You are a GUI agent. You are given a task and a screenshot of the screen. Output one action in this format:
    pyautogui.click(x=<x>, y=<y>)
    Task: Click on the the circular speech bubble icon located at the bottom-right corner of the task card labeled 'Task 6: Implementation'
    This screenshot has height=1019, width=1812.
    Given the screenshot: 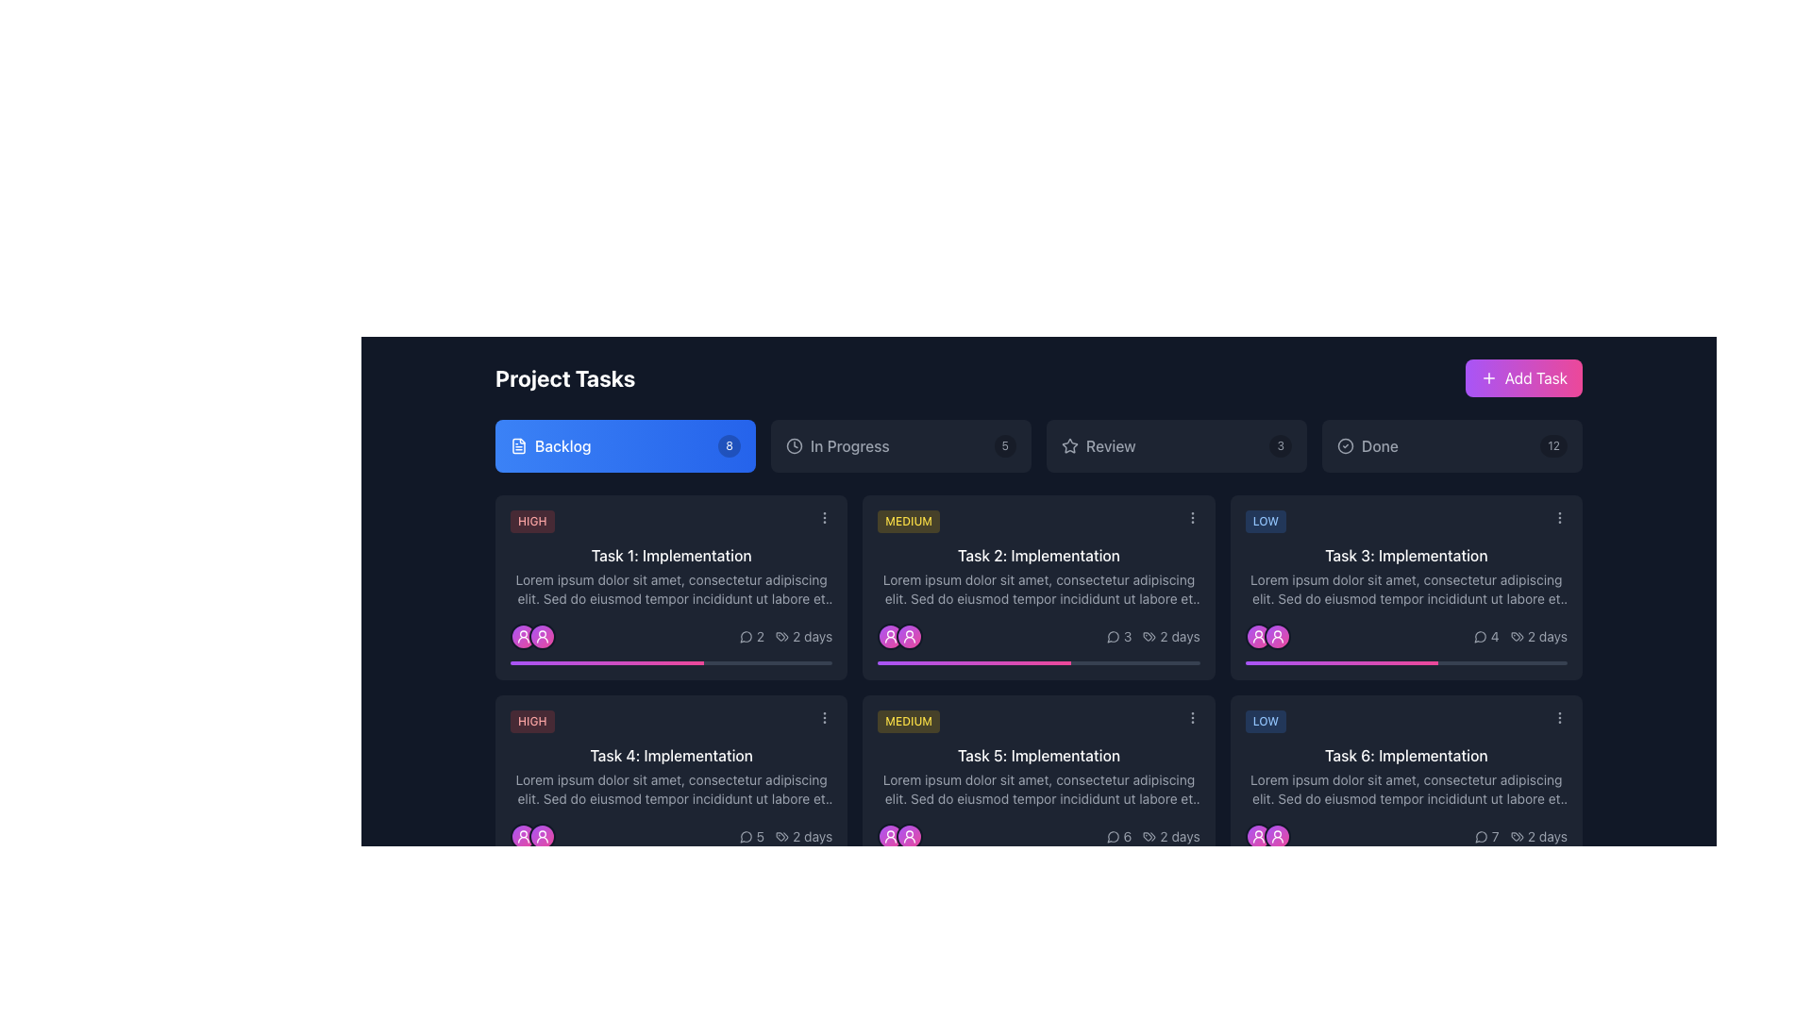 What is the action you would take?
    pyautogui.click(x=1480, y=836)
    